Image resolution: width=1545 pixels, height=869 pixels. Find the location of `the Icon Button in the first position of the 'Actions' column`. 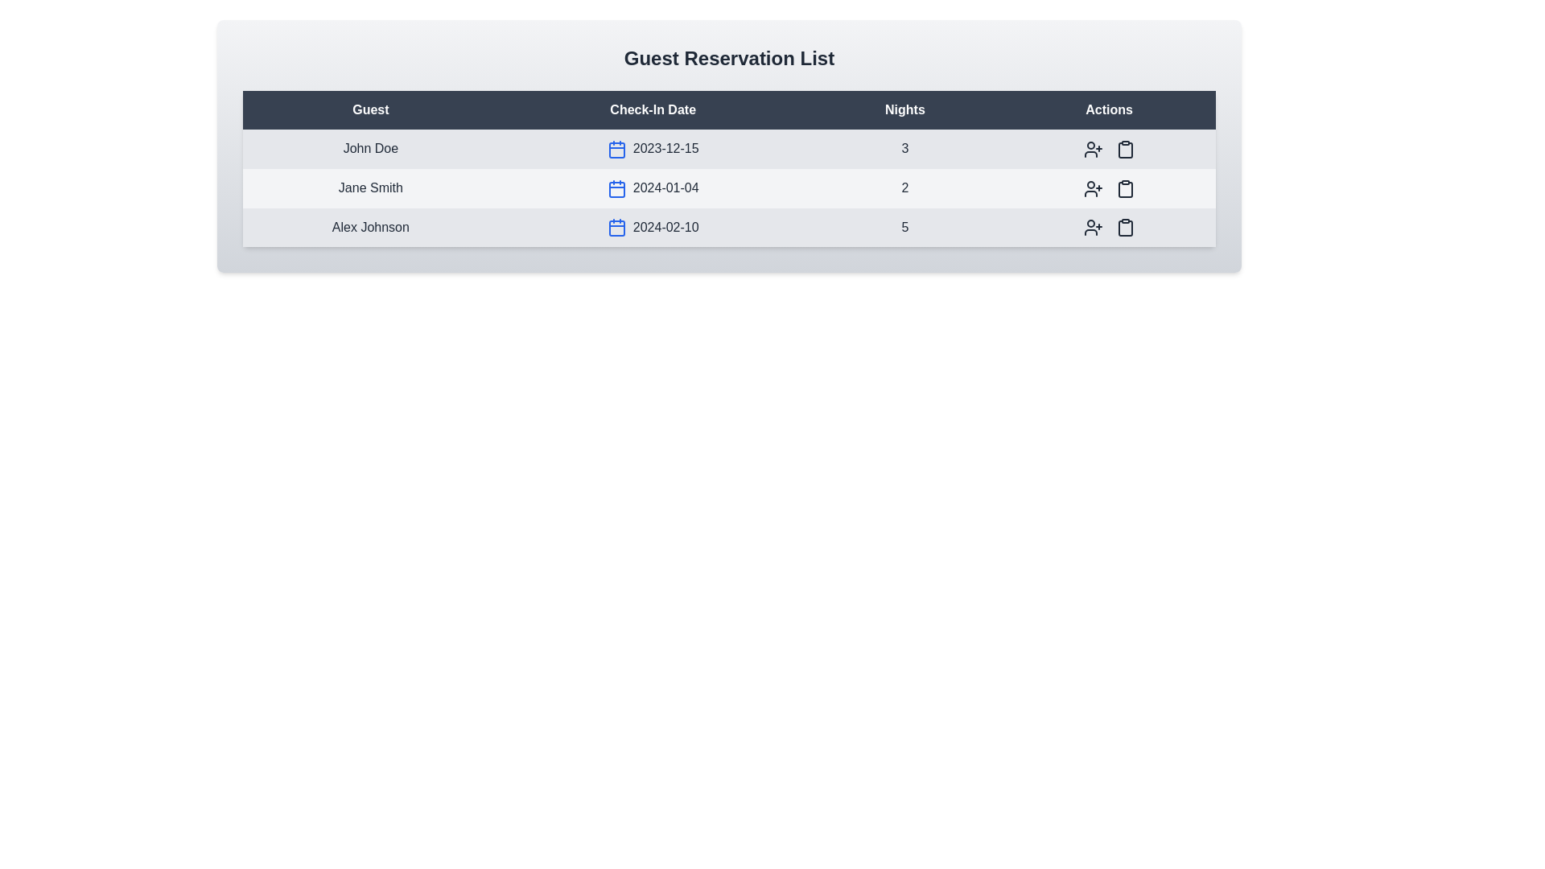

the Icon Button in the first position of the 'Actions' column is located at coordinates (1093, 149).